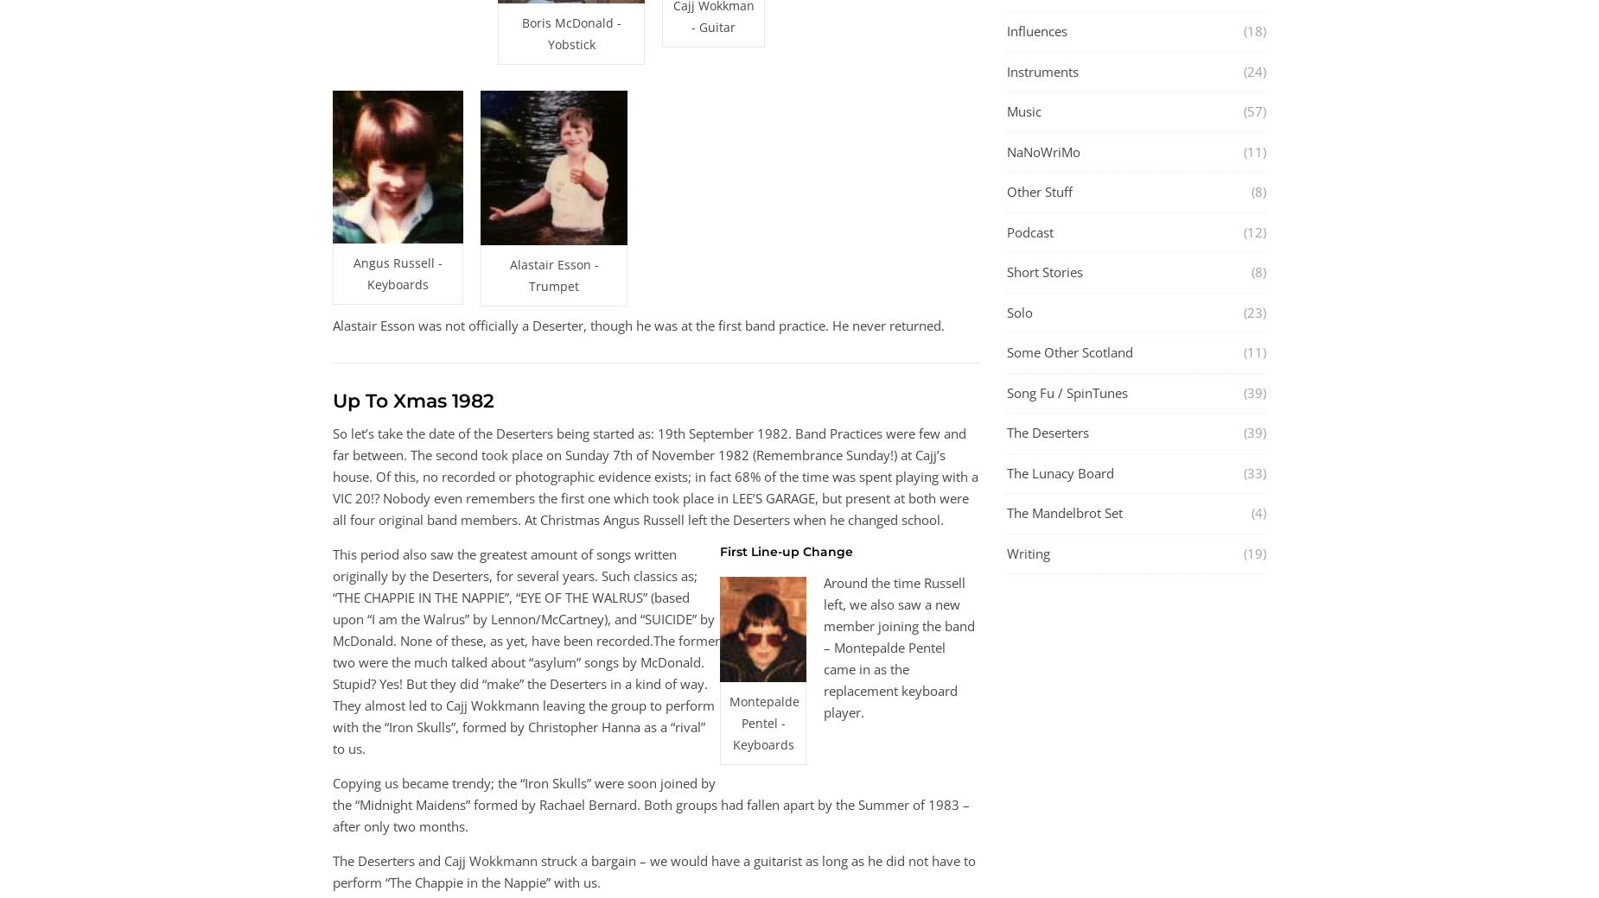 The image size is (1599, 898). Describe the element at coordinates (520, 31) in the screenshot. I see `'Boris McDonald - Yobstick'` at that location.